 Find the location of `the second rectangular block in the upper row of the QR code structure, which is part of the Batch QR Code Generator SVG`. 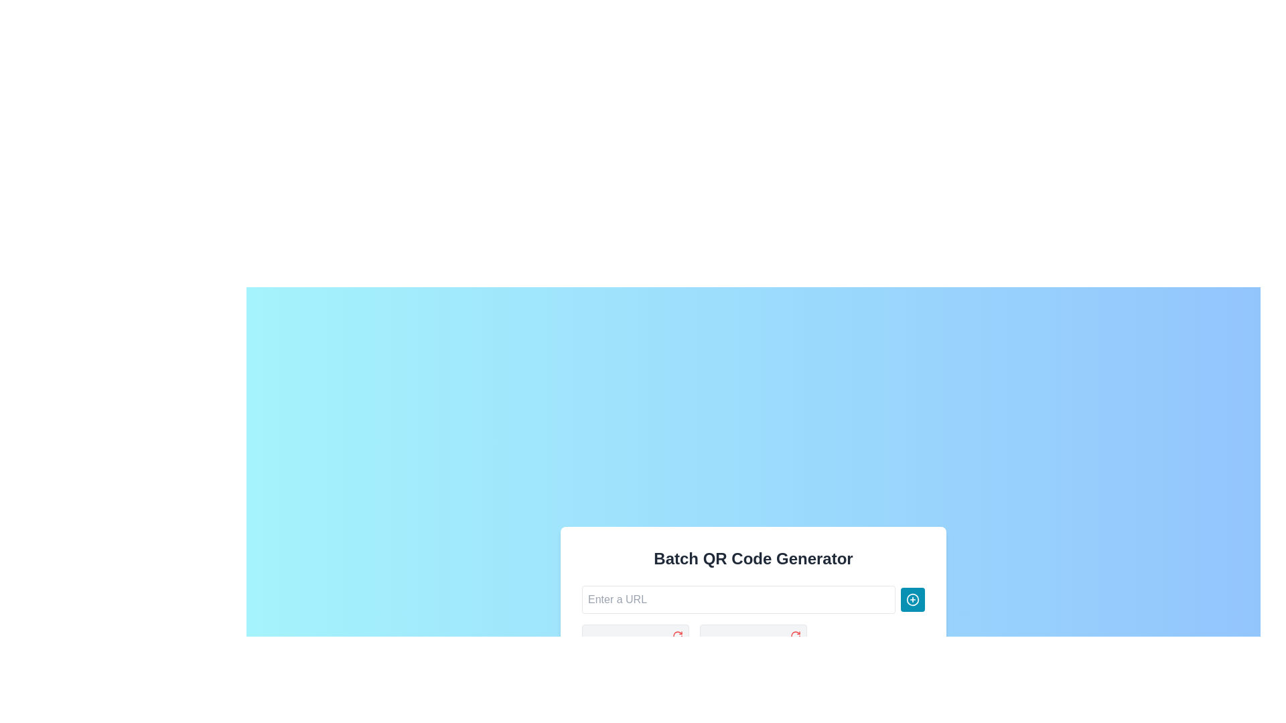

the second rectangular block in the upper row of the QR code structure, which is part of the Batch QR Code Generator SVG is located at coordinates (650, 647).